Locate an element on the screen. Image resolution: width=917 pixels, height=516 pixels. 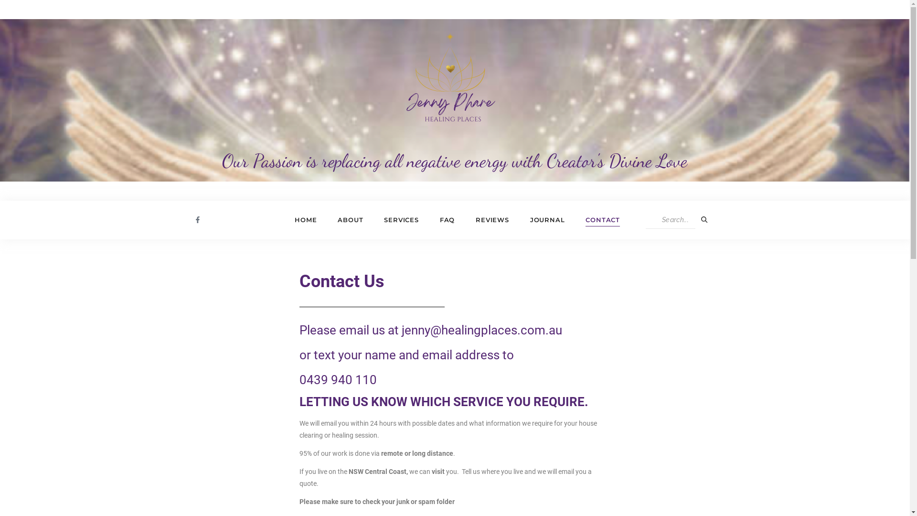
'SERVICES' is located at coordinates (378, 220).